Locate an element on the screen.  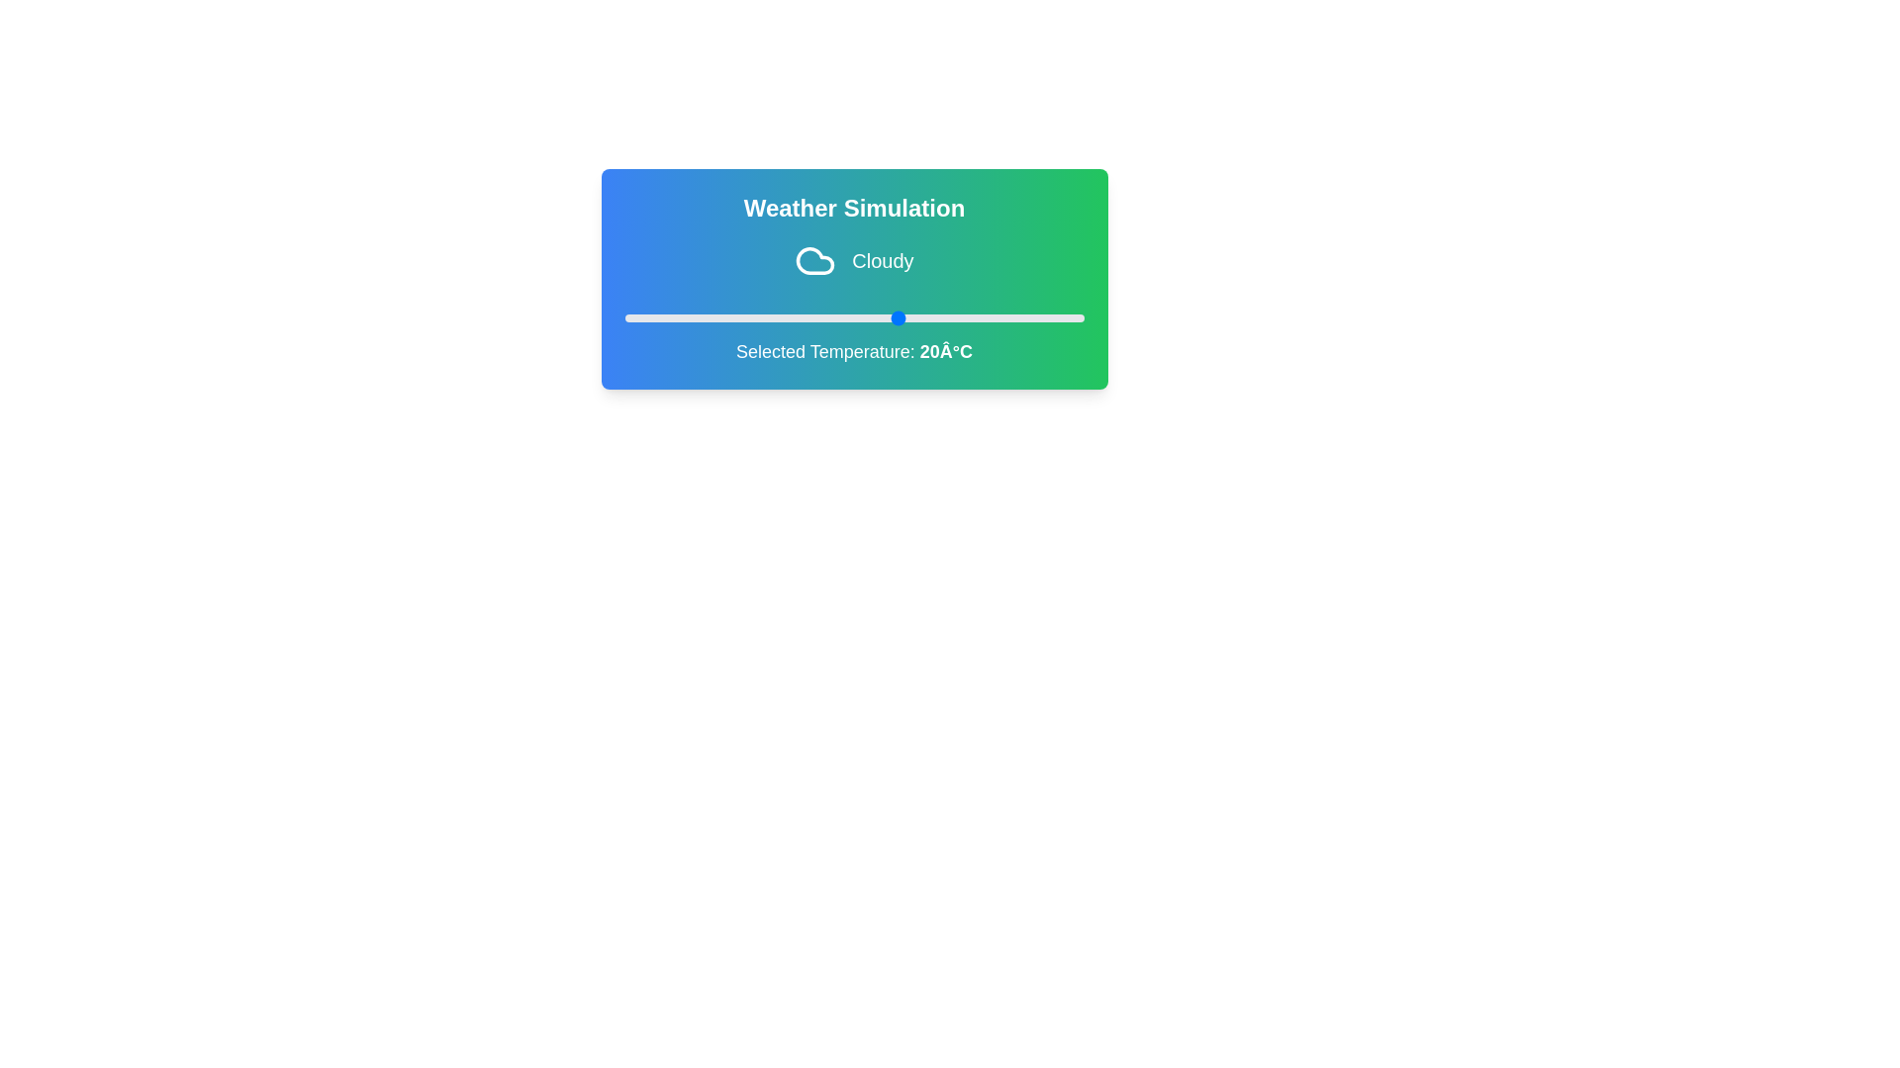
the temperature is located at coordinates (955, 316).